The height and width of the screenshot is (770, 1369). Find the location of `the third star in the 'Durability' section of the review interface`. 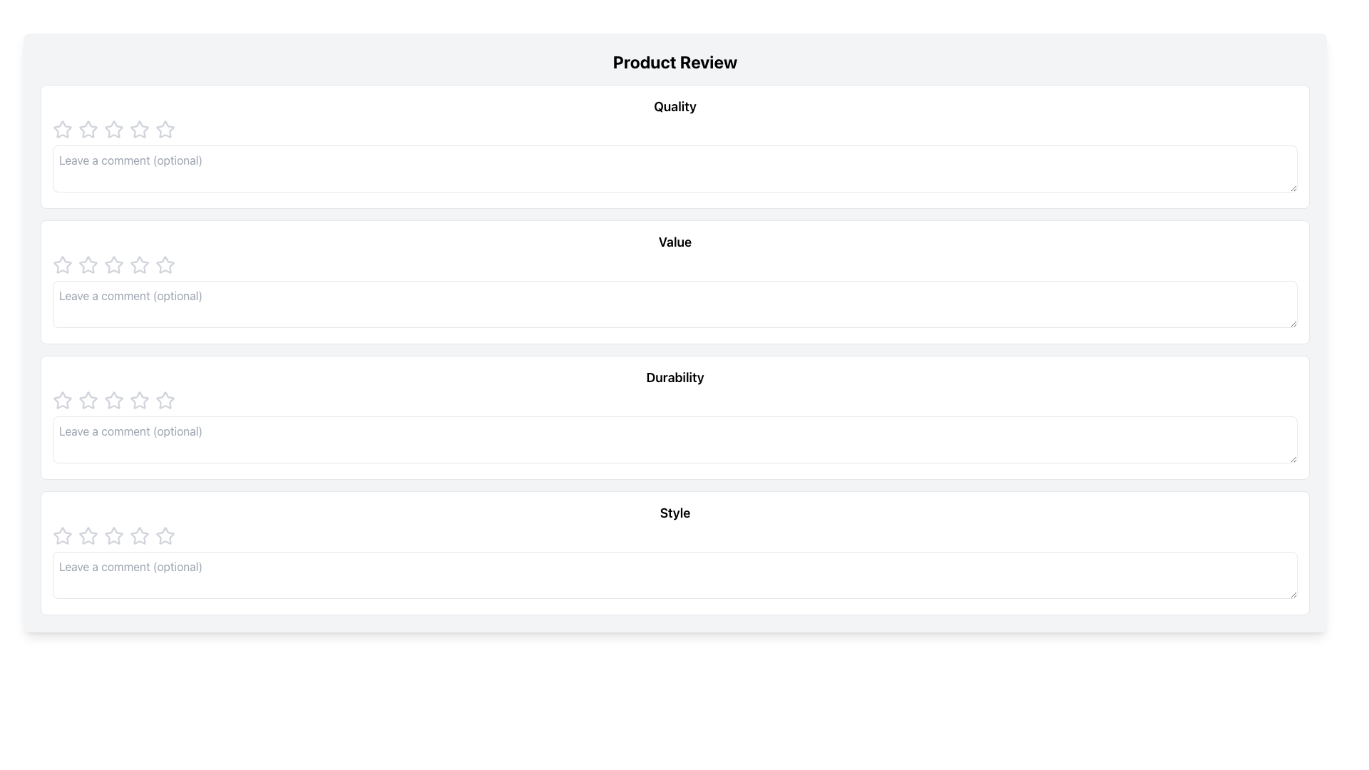

the third star in the 'Durability' section of the review interface is located at coordinates (140, 400).